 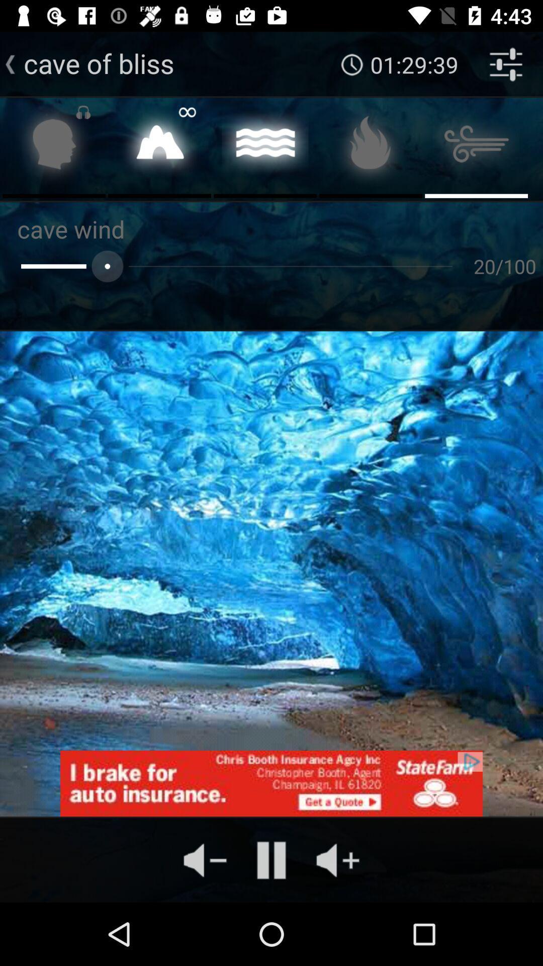 What do you see at coordinates (371, 146) in the screenshot?
I see `icon button` at bounding box center [371, 146].